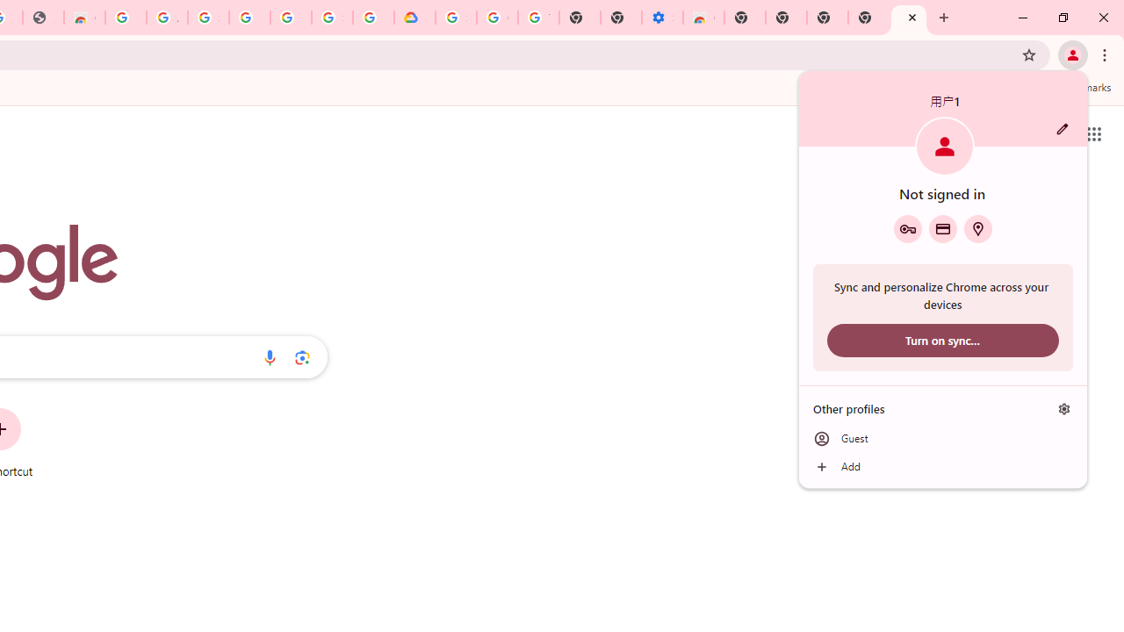  I want to click on 'Ad Settings', so click(167, 18).